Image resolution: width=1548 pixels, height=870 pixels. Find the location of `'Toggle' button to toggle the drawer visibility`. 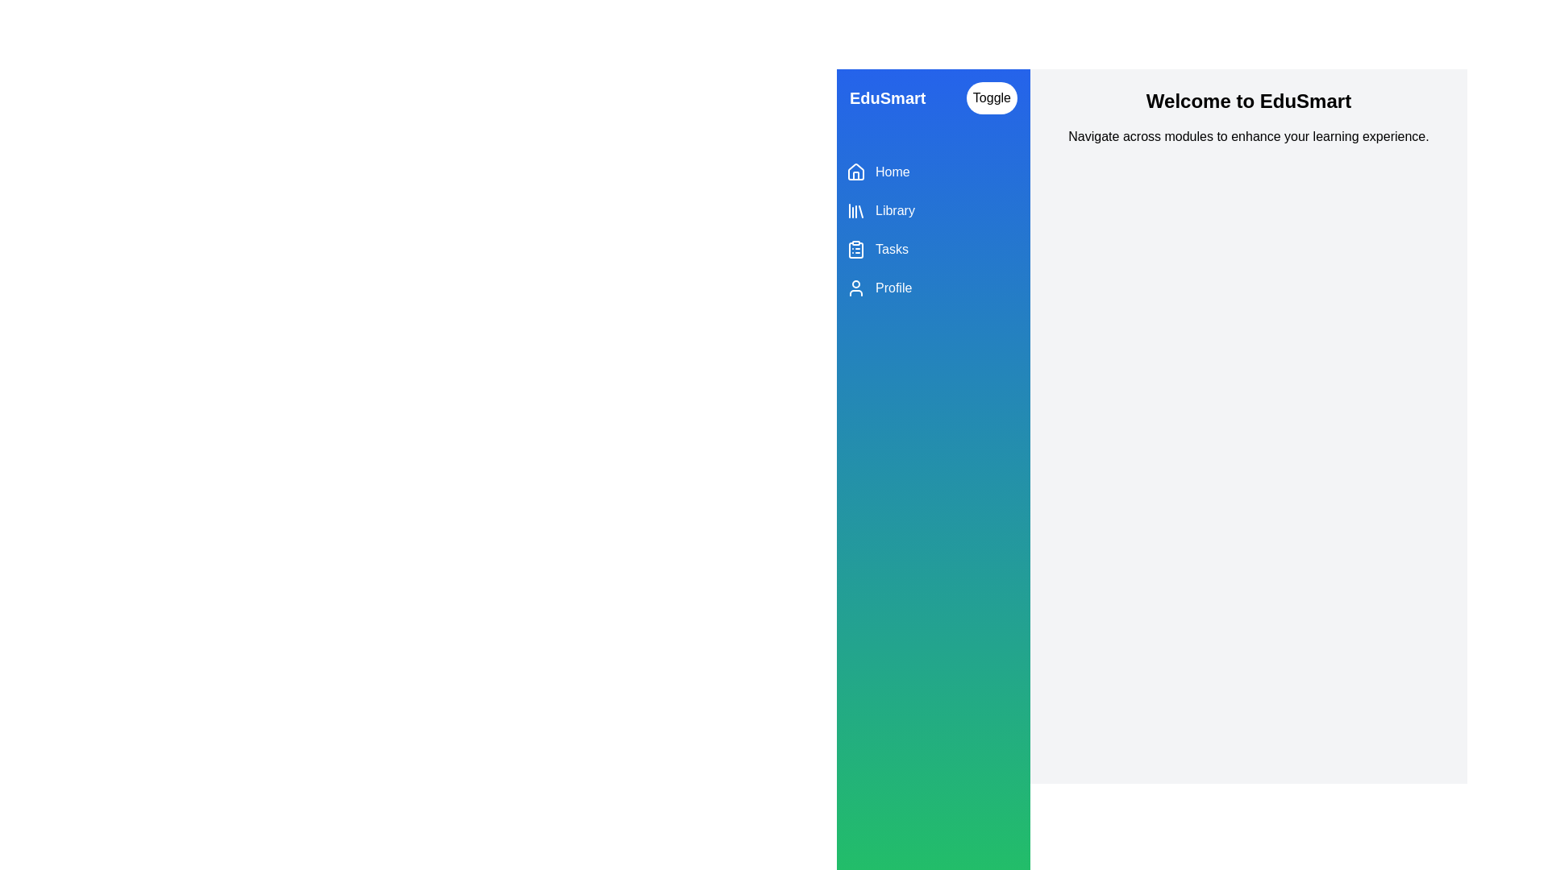

'Toggle' button to toggle the drawer visibility is located at coordinates (990, 98).